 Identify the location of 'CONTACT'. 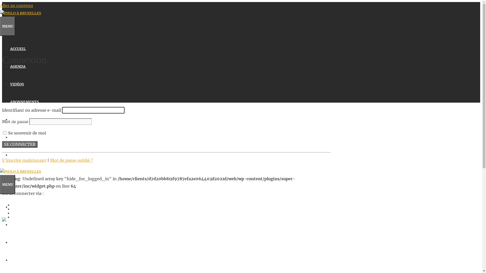
(19, 120).